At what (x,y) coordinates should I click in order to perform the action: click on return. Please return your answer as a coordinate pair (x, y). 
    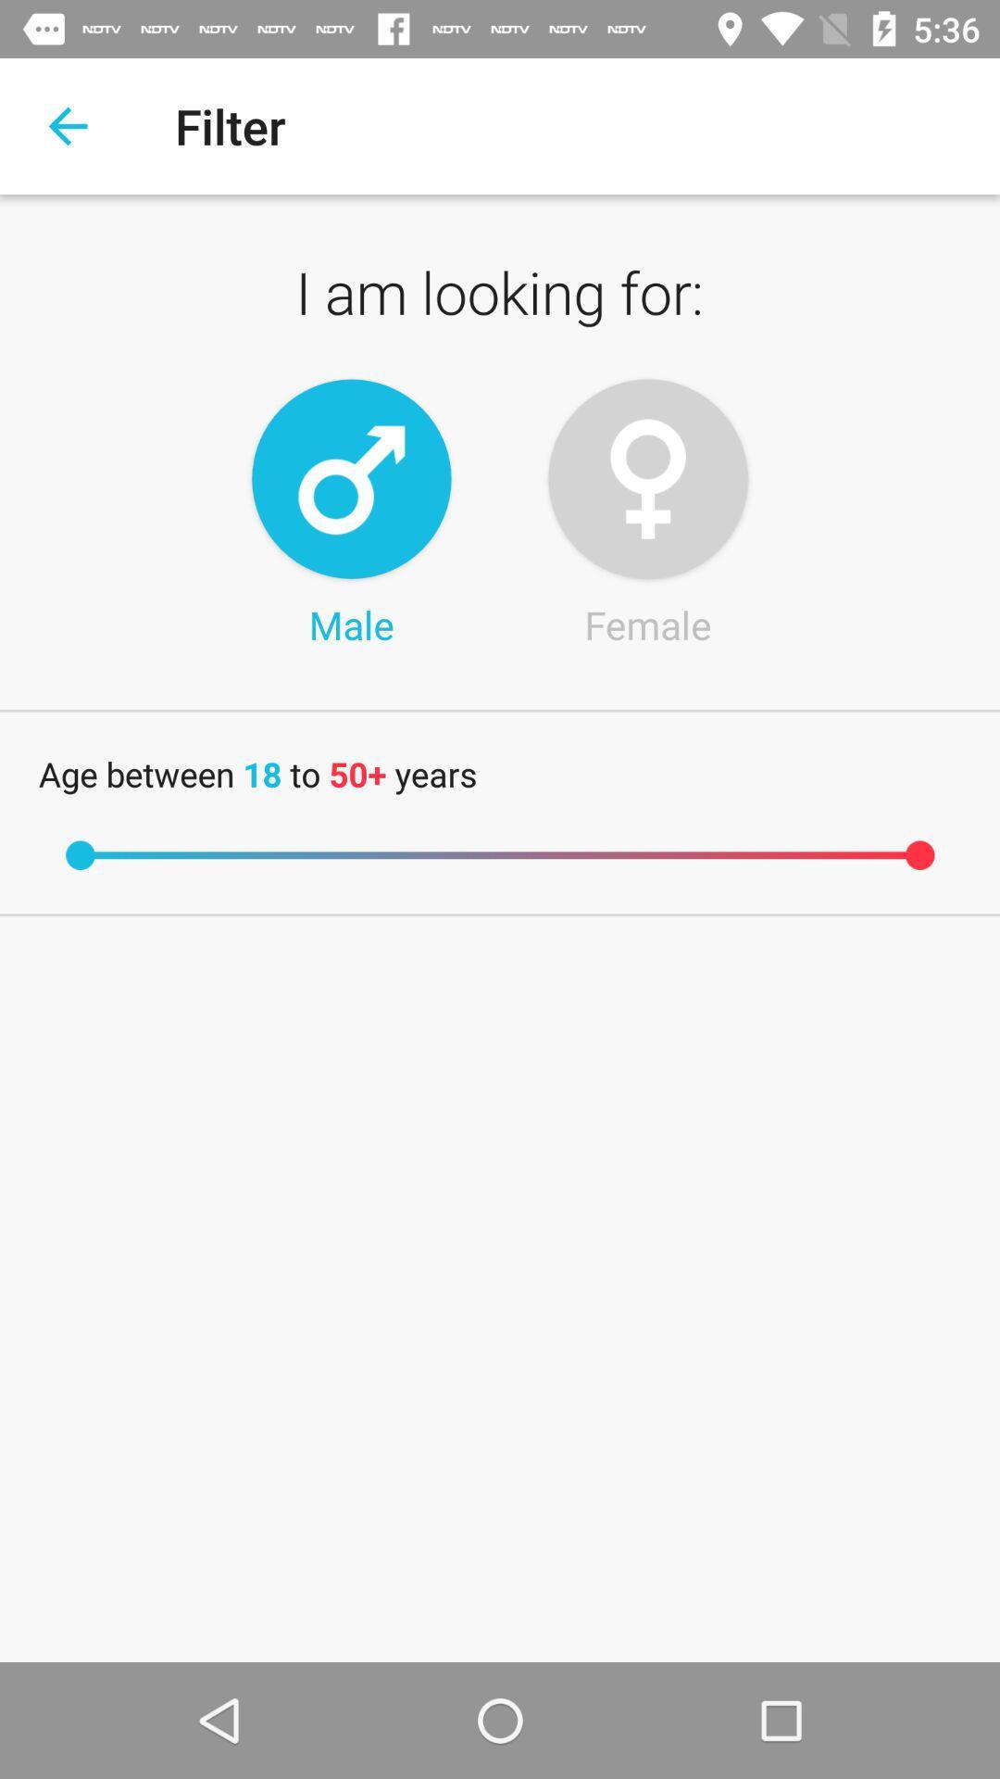
    Looking at the image, I should click on (67, 125).